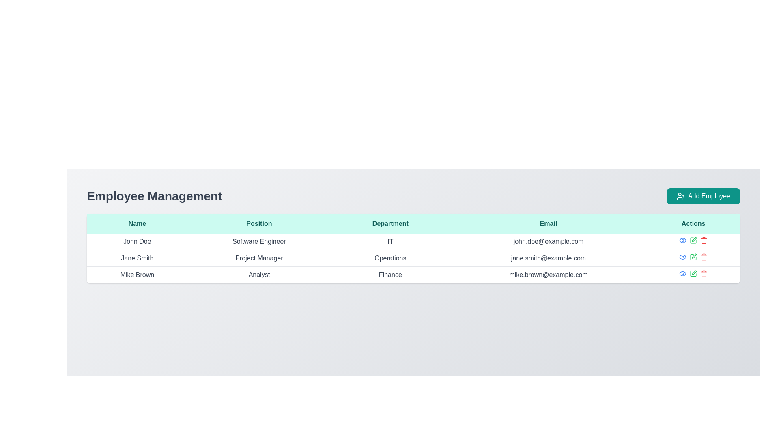 The image size is (779, 438). I want to click on the text label displaying 'Jane Smith' in a gray font, located in the second row of the employee information table under the 'Name' column, so click(137, 258).